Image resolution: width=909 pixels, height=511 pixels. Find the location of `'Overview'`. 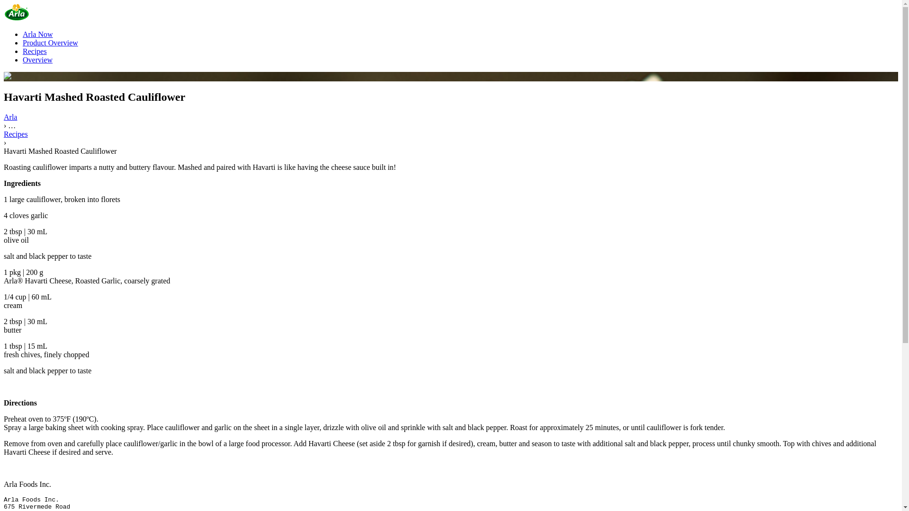

'Overview' is located at coordinates (37, 60).